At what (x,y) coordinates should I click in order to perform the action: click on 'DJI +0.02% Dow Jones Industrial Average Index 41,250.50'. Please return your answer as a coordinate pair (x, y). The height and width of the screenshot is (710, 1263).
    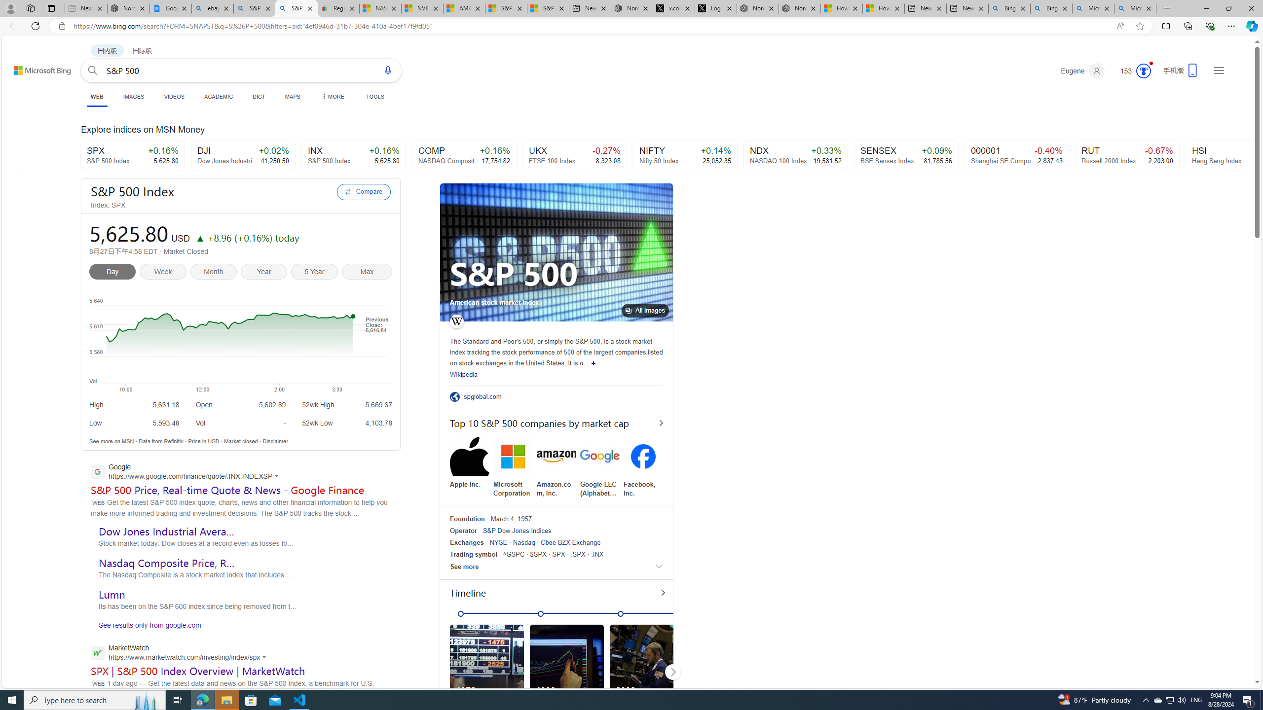
    Looking at the image, I should click on (243, 155).